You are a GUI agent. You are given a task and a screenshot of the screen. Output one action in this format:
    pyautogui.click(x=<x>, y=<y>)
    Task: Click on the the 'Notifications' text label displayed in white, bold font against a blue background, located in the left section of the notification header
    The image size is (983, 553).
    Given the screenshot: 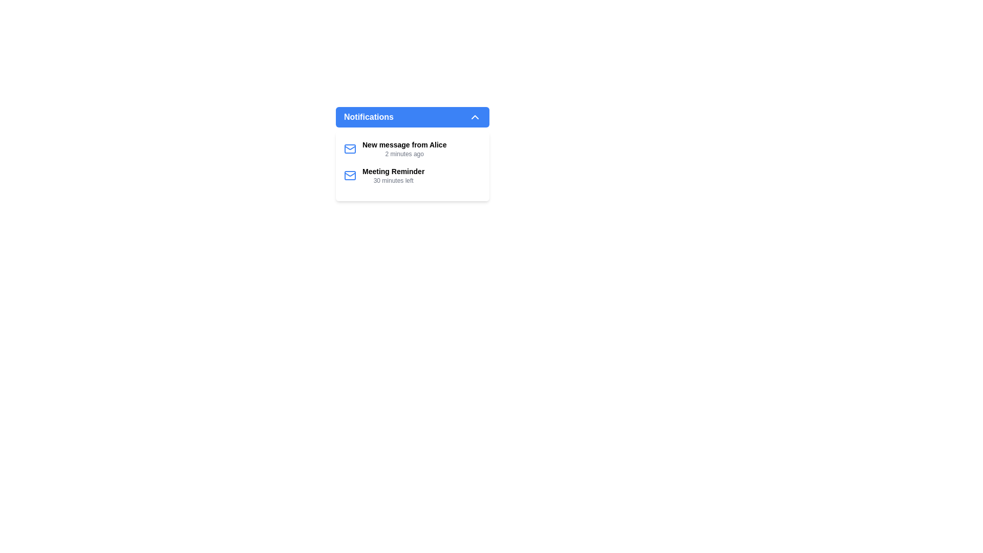 What is the action you would take?
    pyautogui.click(x=369, y=116)
    